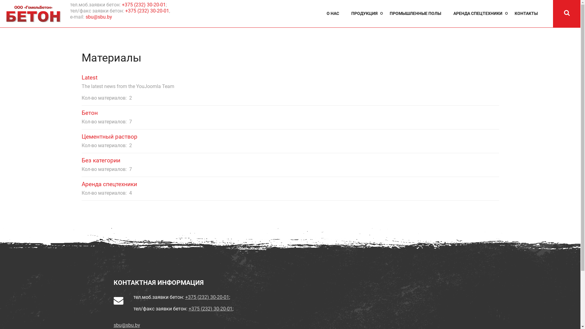 The height and width of the screenshot is (329, 585). Describe the element at coordinates (210, 309) in the screenshot. I see `'+375 (232) 30-20-01'` at that location.